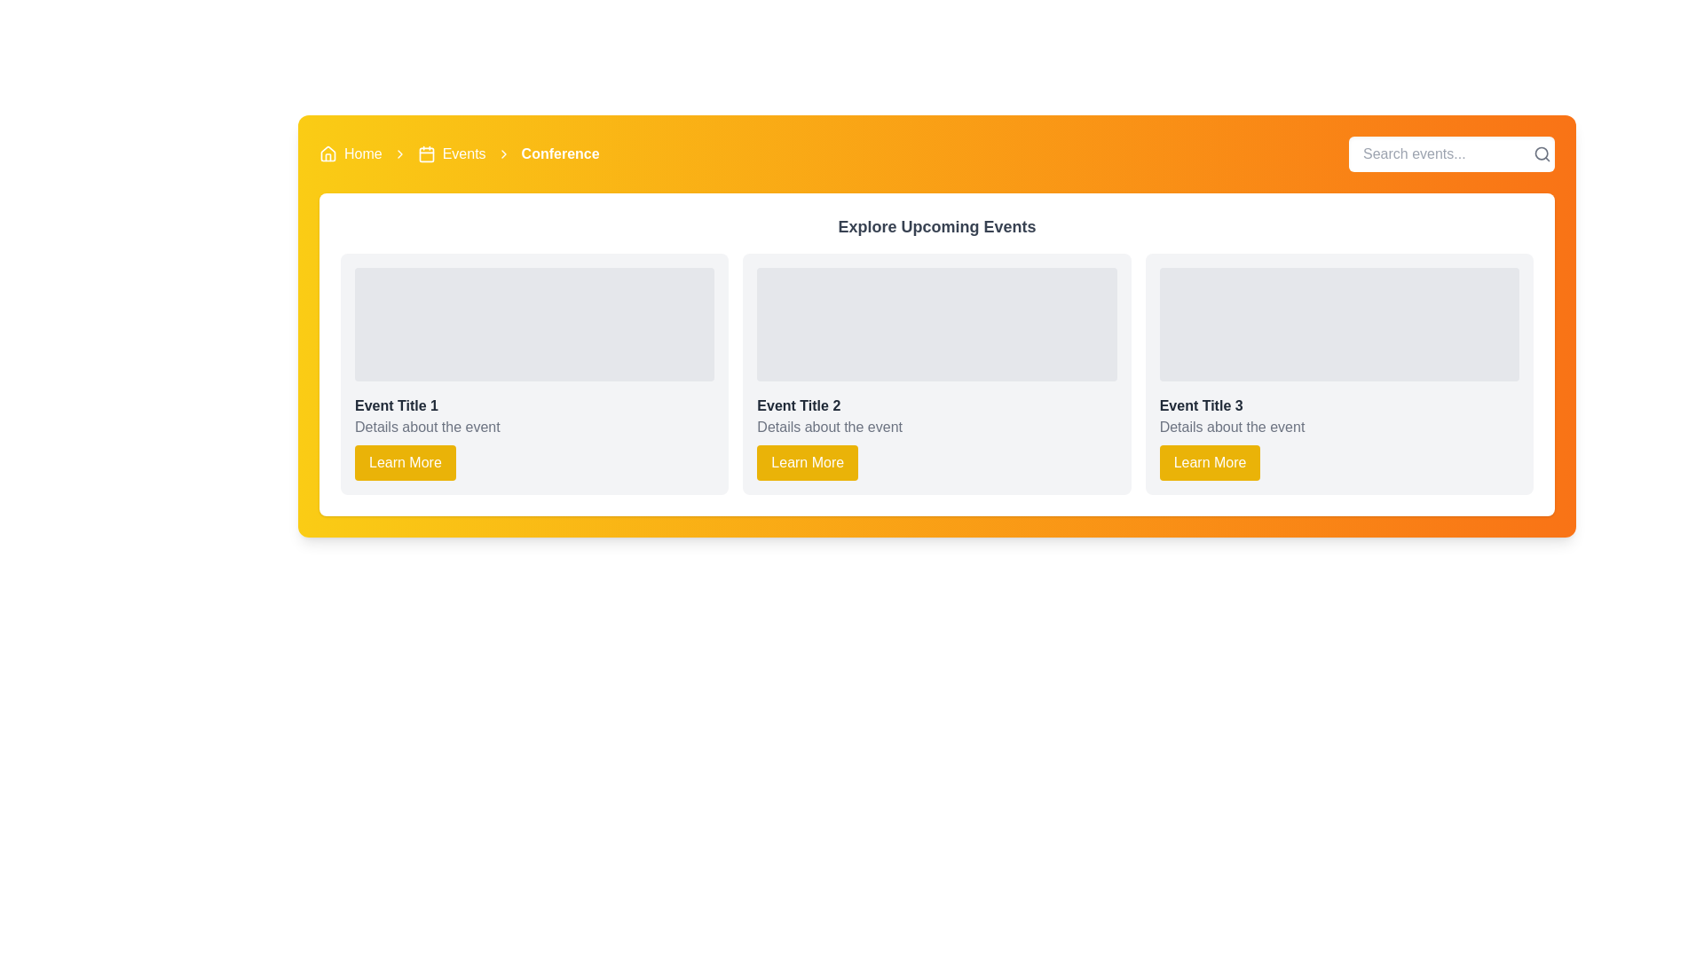 The width and height of the screenshot is (1704, 958). Describe the element at coordinates (798, 406) in the screenshot. I see `text from the bold, dark gray label that says 'Event Title 2', which is positioned as the top text of the second card in a row of three cards` at that location.